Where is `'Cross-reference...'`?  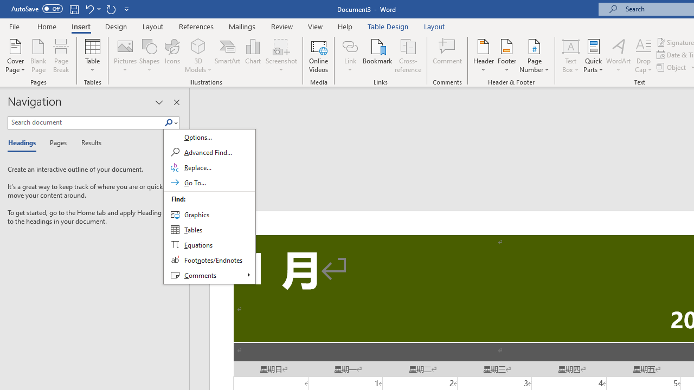
'Cross-reference...' is located at coordinates (407, 56).